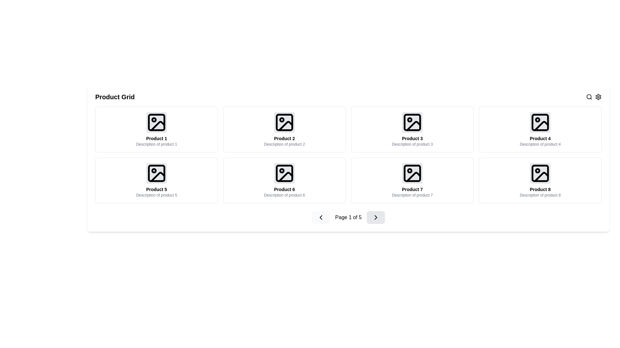 The image size is (620, 348). Describe the element at coordinates (540, 195) in the screenshot. I see `the text label providing a brief description for 'Product 8', located directly below the product title` at that location.